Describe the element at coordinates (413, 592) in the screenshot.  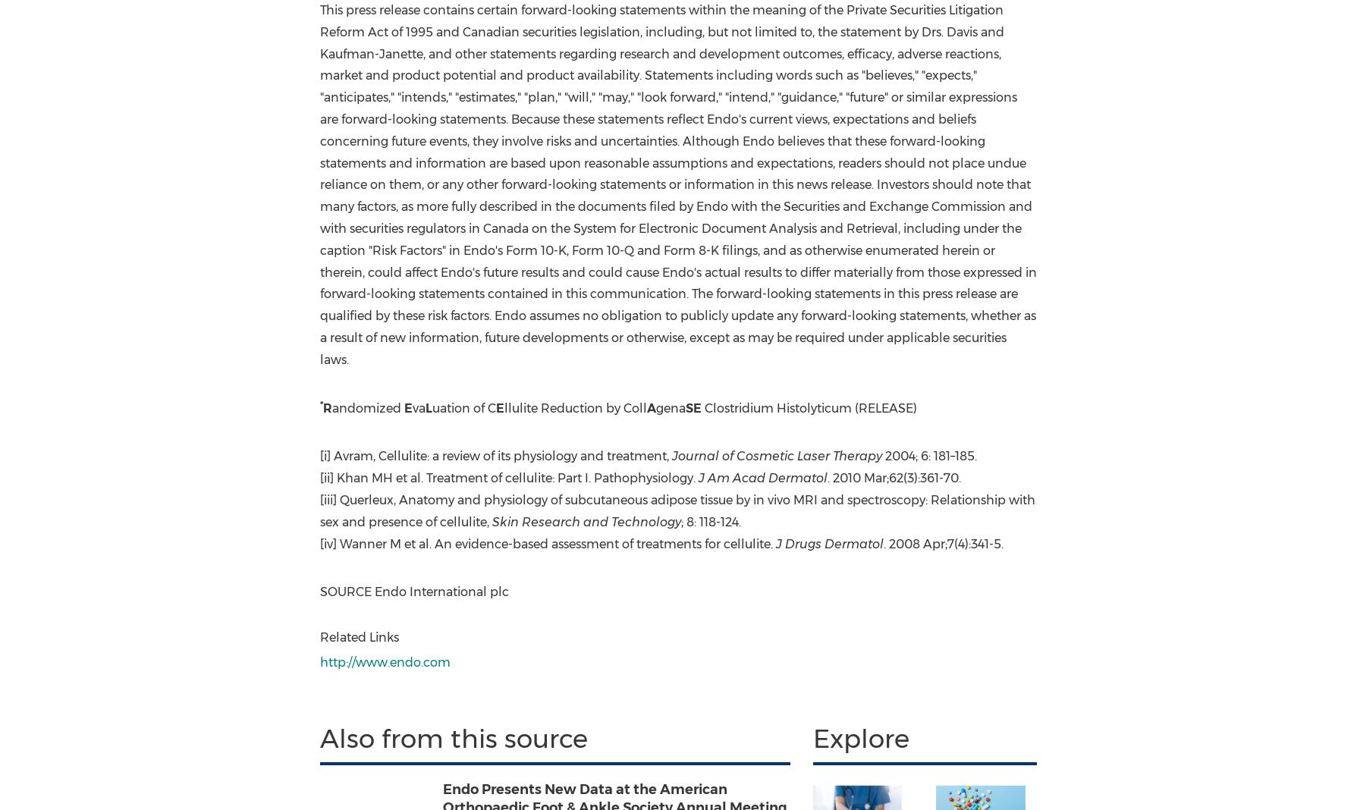
I see `'SOURCE Endo International plc'` at that location.